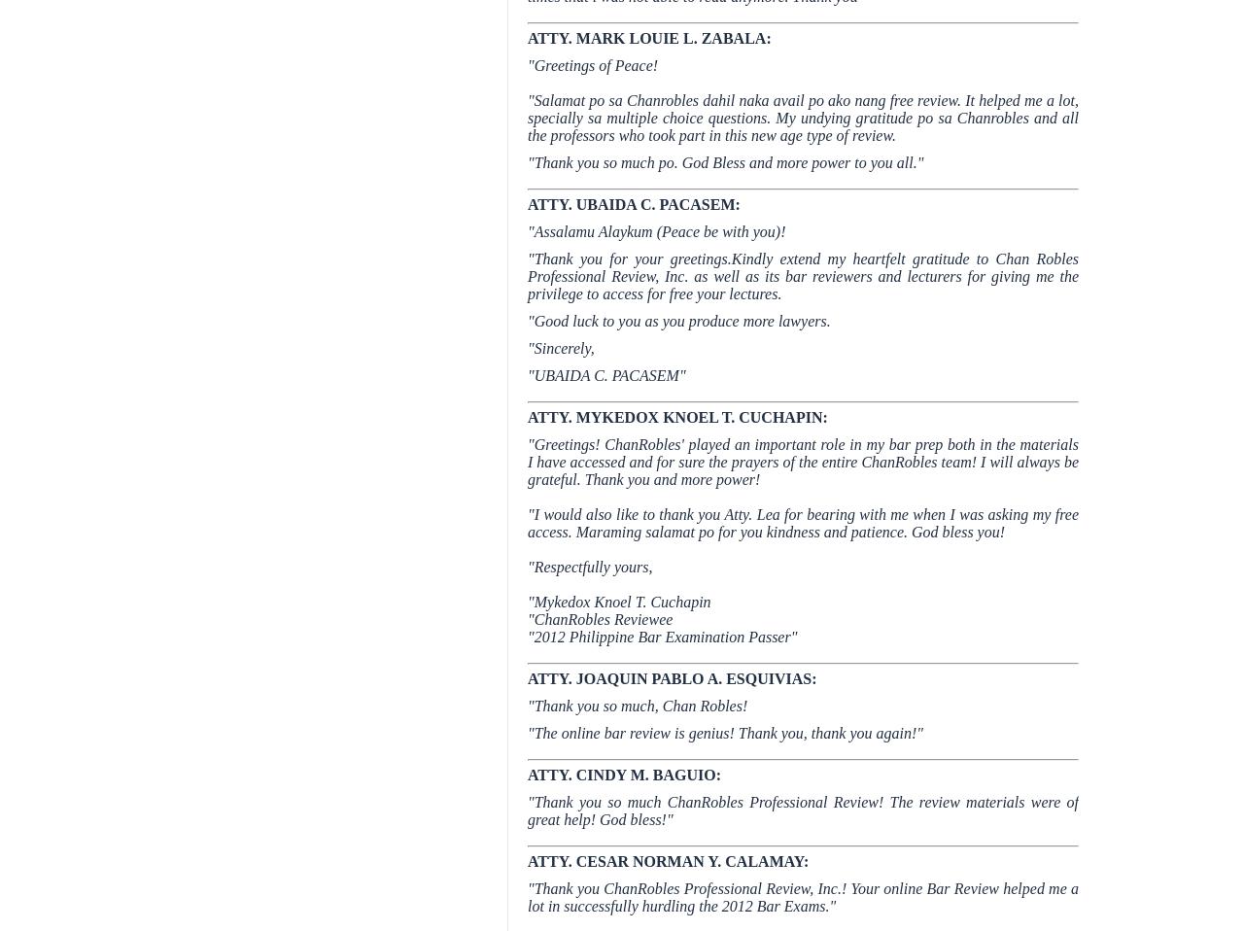 The height and width of the screenshot is (931, 1244). I want to click on '"Greetings of Peace!', so click(592, 64).